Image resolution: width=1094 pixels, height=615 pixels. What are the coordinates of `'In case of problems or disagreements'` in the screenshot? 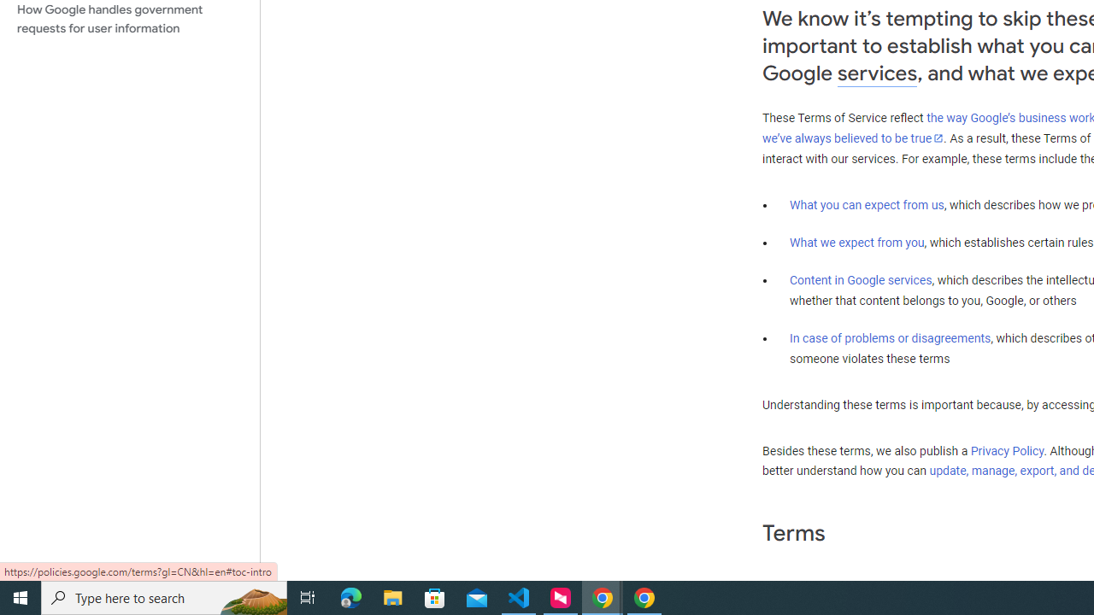 It's located at (889, 338).